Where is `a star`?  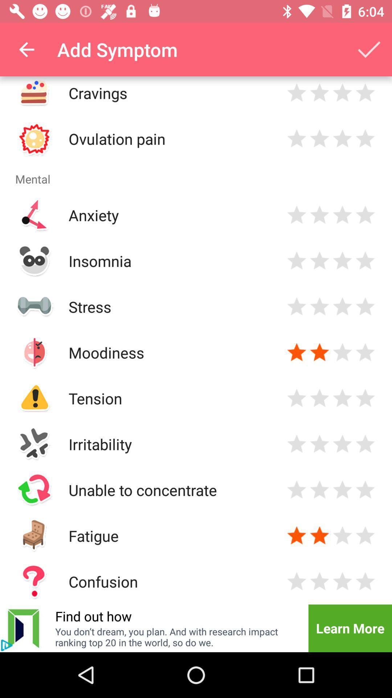 a star is located at coordinates (297, 139).